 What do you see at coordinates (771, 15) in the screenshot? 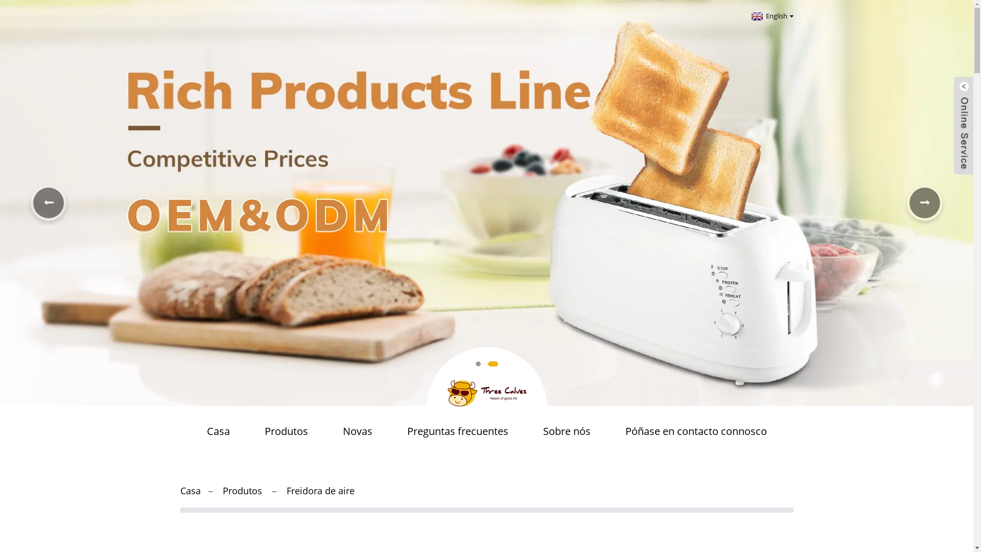
I see `'English'` at bounding box center [771, 15].